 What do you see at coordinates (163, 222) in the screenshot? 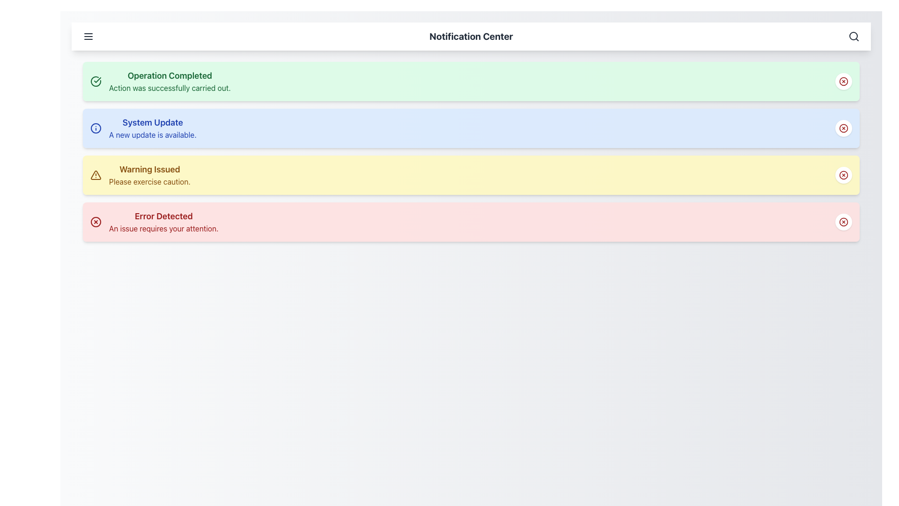
I see `text from the notification block that says 'Error Detected' in bold and 'An issue requires your attention.' in smaller font, located at the bottom of the notification list` at bounding box center [163, 222].